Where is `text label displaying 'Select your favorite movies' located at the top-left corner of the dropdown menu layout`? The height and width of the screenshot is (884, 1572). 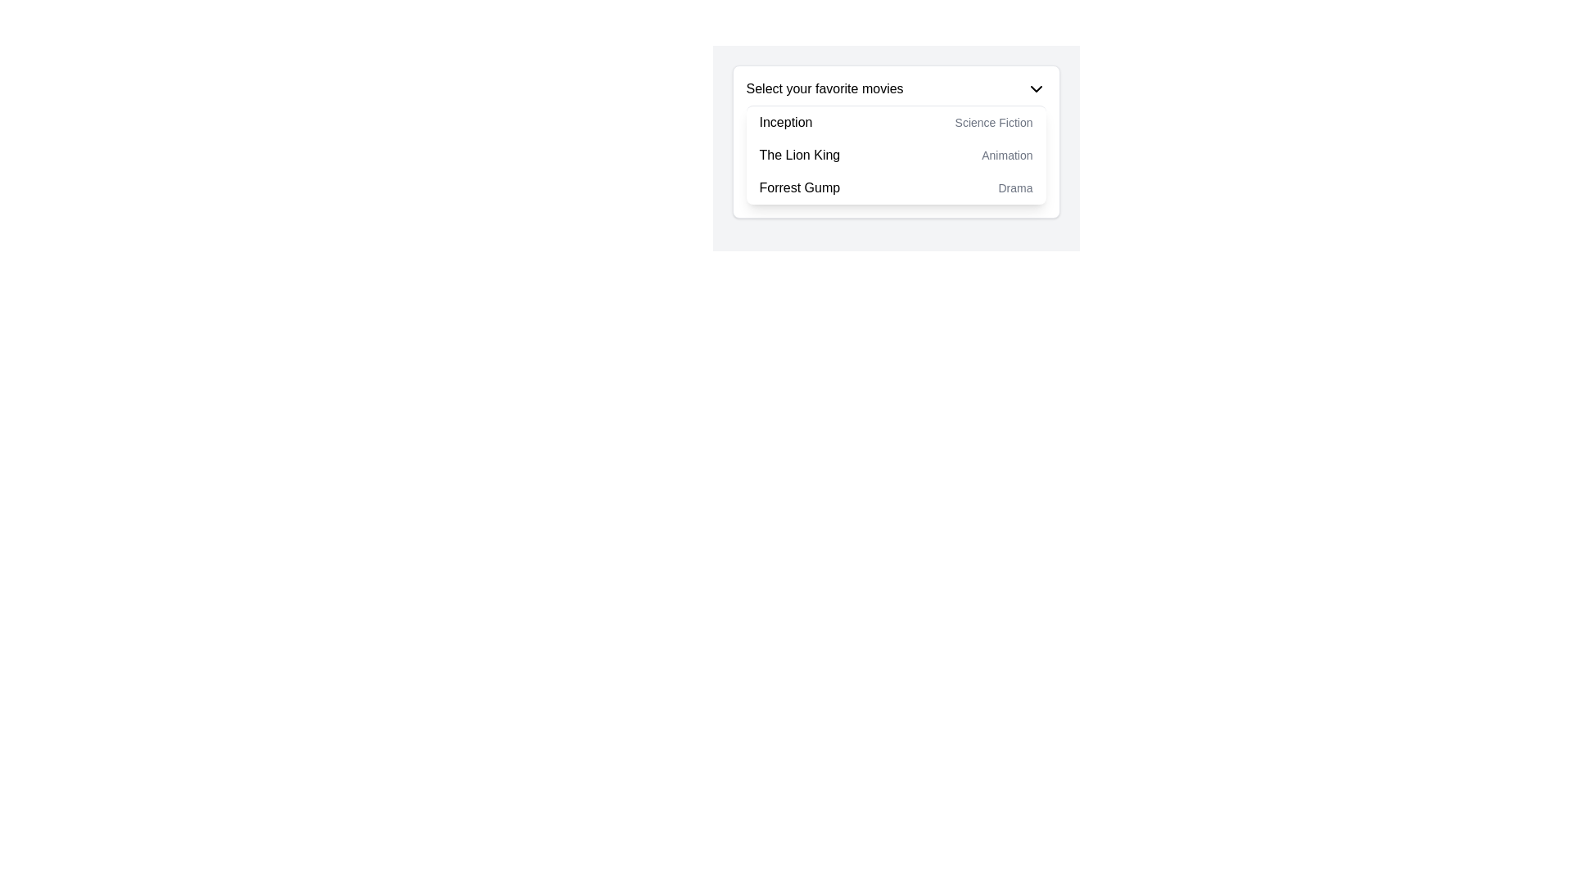 text label displaying 'Select your favorite movies' located at the top-left corner of the dropdown menu layout is located at coordinates (824, 88).